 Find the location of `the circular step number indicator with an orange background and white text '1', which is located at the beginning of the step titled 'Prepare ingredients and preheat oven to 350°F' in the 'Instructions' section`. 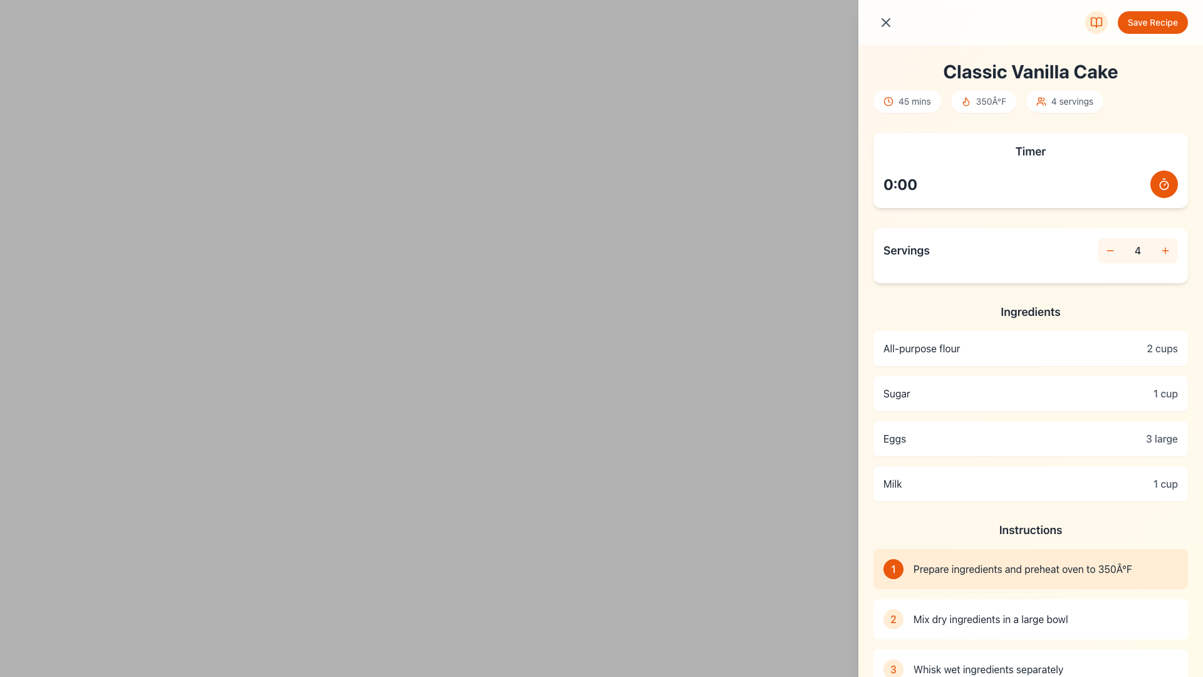

the circular step number indicator with an orange background and white text '1', which is located at the beginning of the step titled 'Prepare ingredients and preheat oven to 350°F' in the 'Instructions' section is located at coordinates (892, 569).